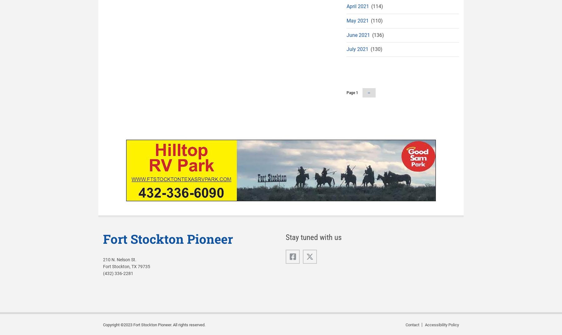 This screenshot has height=335, width=562. What do you see at coordinates (352, 92) in the screenshot?
I see `'Page 1'` at bounding box center [352, 92].